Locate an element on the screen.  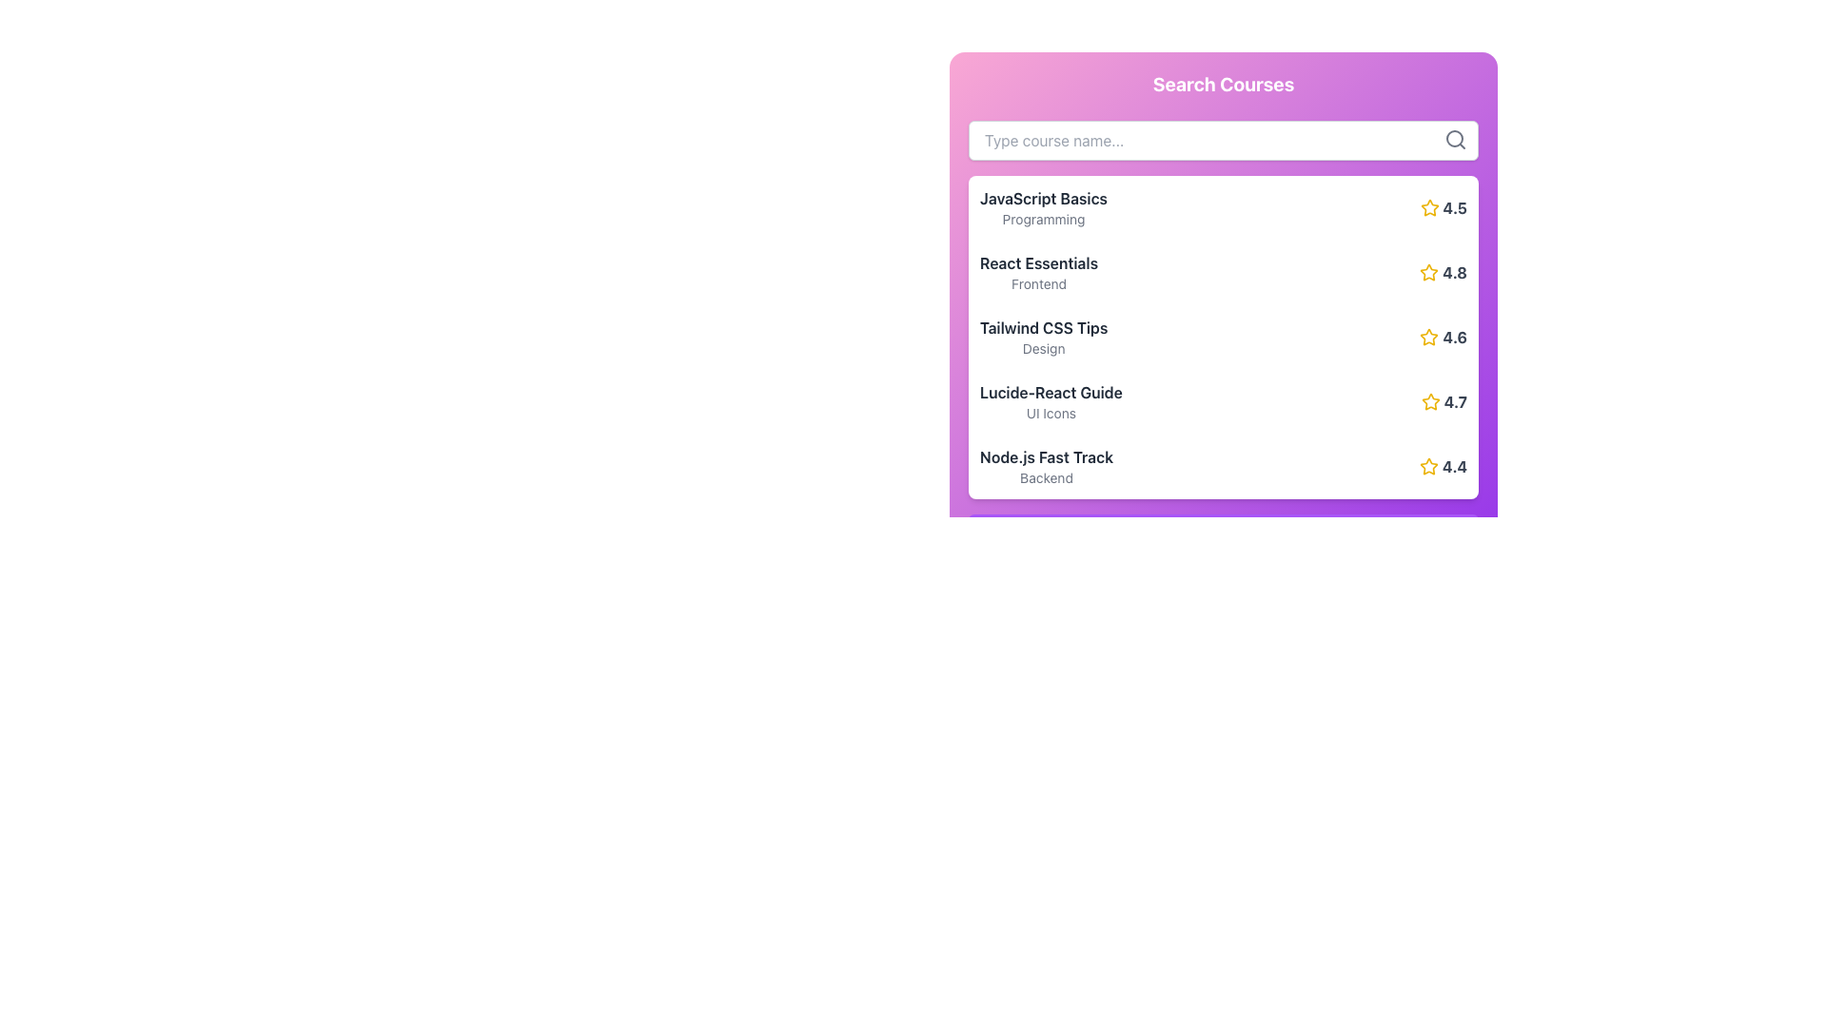
the Text Label that provides a recognizable title for the associated course or topic in the interface is located at coordinates (1050, 391).